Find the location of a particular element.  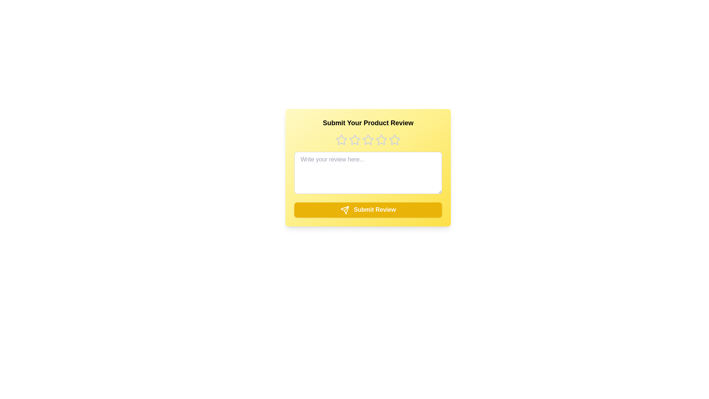

the wide rectangular button with a yellow background and white text reading 'Submit Review', located at the bottom of the card titled 'Submit Your Product Review' is located at coordinates (368, 209).